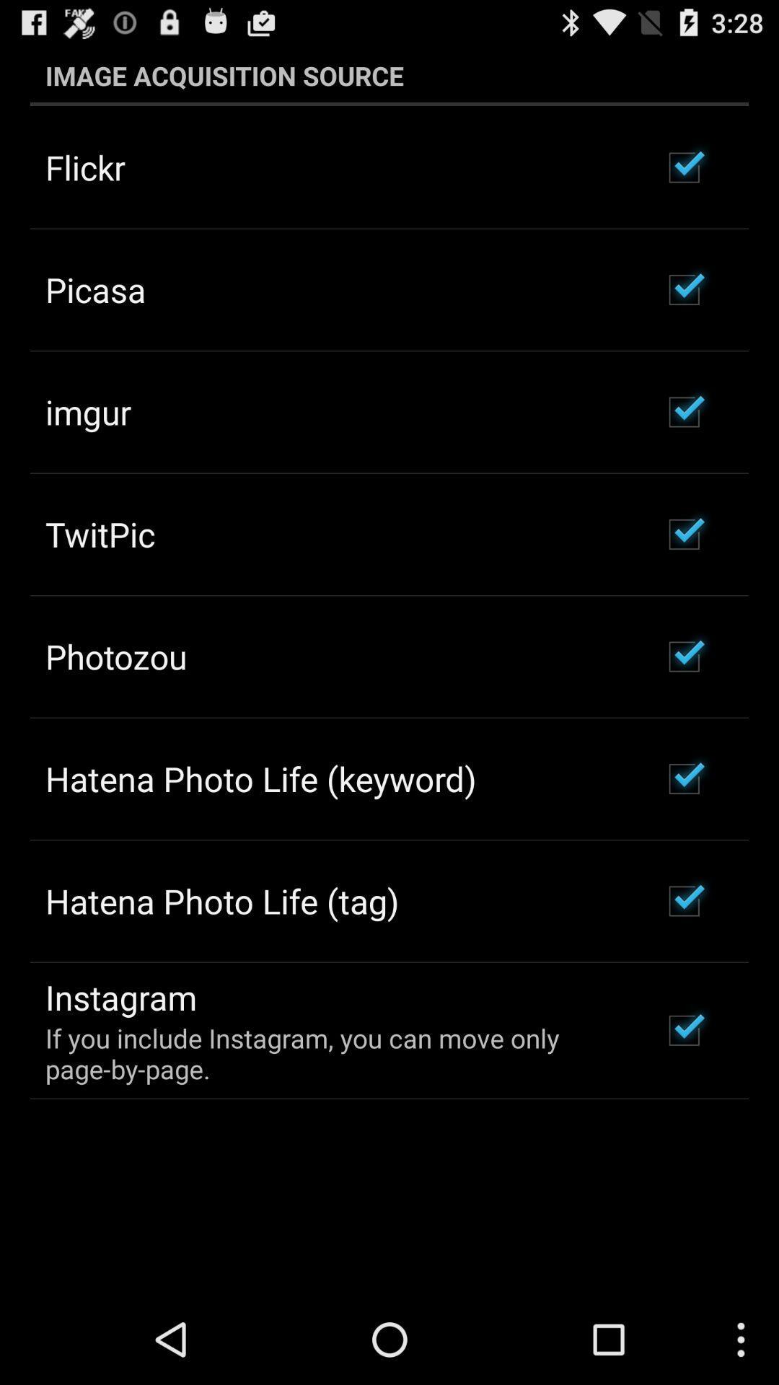  Describe the element at coordinates (95, 289) in the screenshot. I see `picasa item` at that location.